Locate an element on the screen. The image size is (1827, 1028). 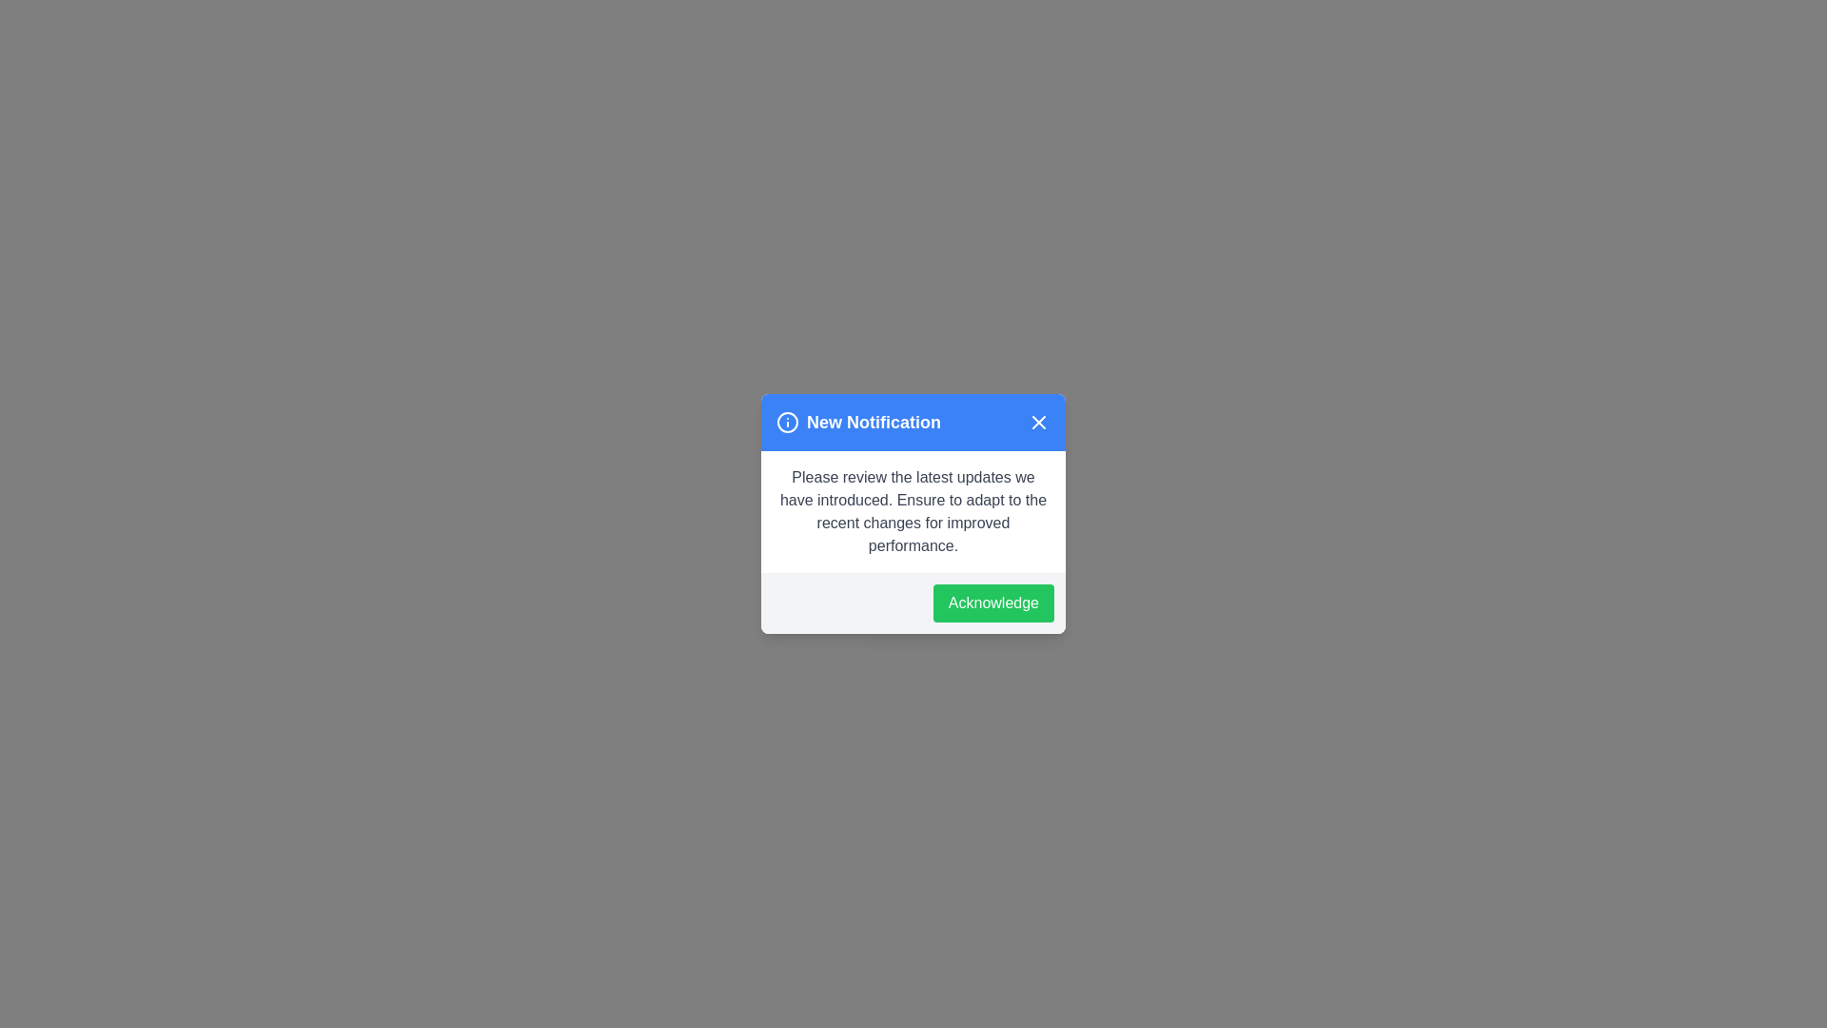
the 'Acknowledge' button to acknowledge the notification is located at coordinates (992, 603).